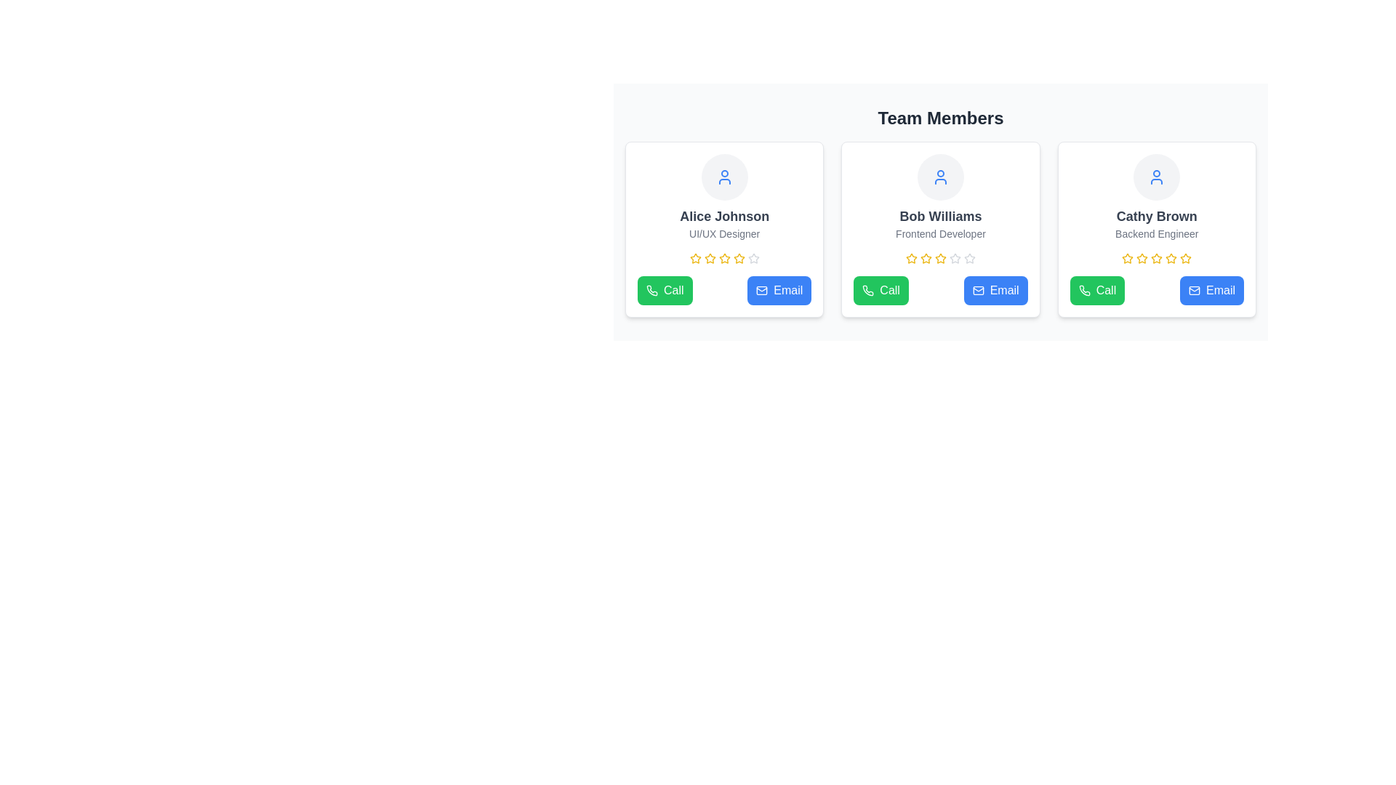  Describe the element at coordinates (1142, 257) in the screenshot. I see `the second star icon in the star rating system beneath the profile of 'Cathy Brown'` at that location.